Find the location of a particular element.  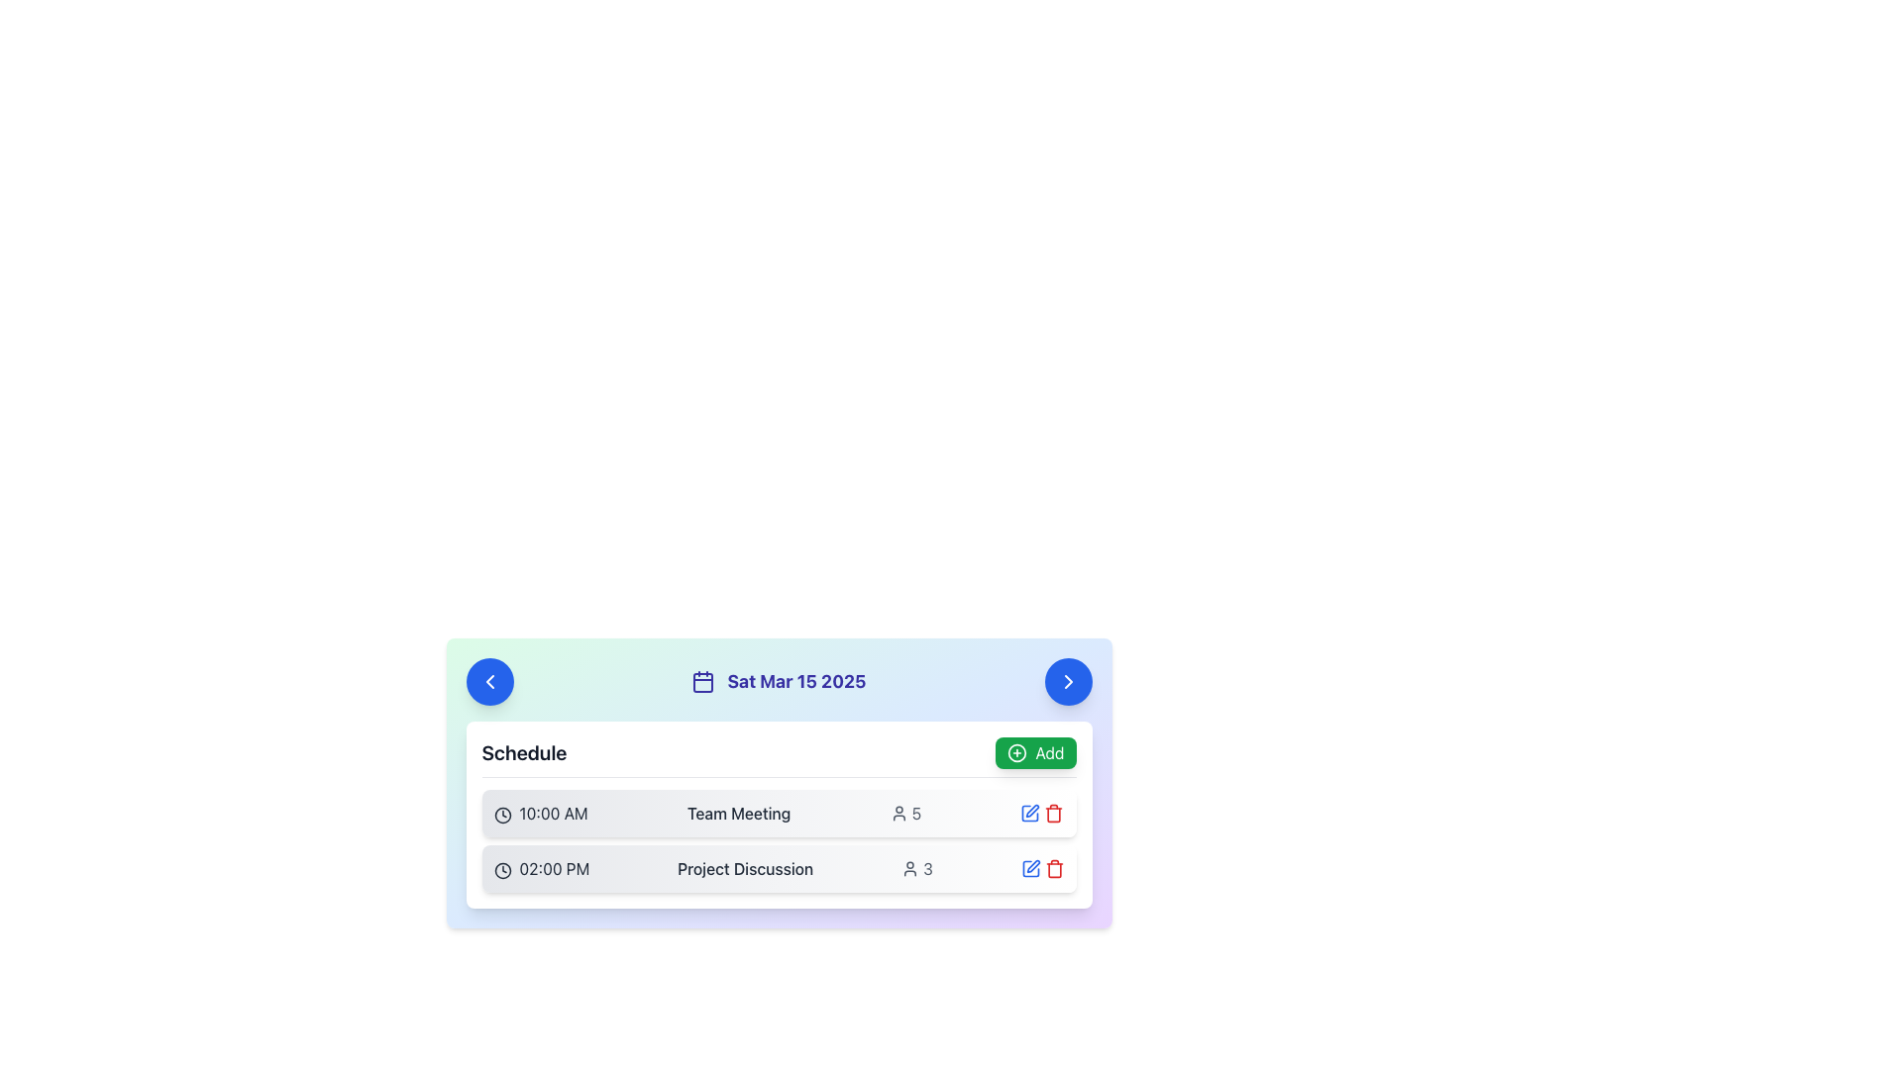

the right arrow icon within the circular button located at the top-right corner of the schedule card is located at coordinates (1067, 681).